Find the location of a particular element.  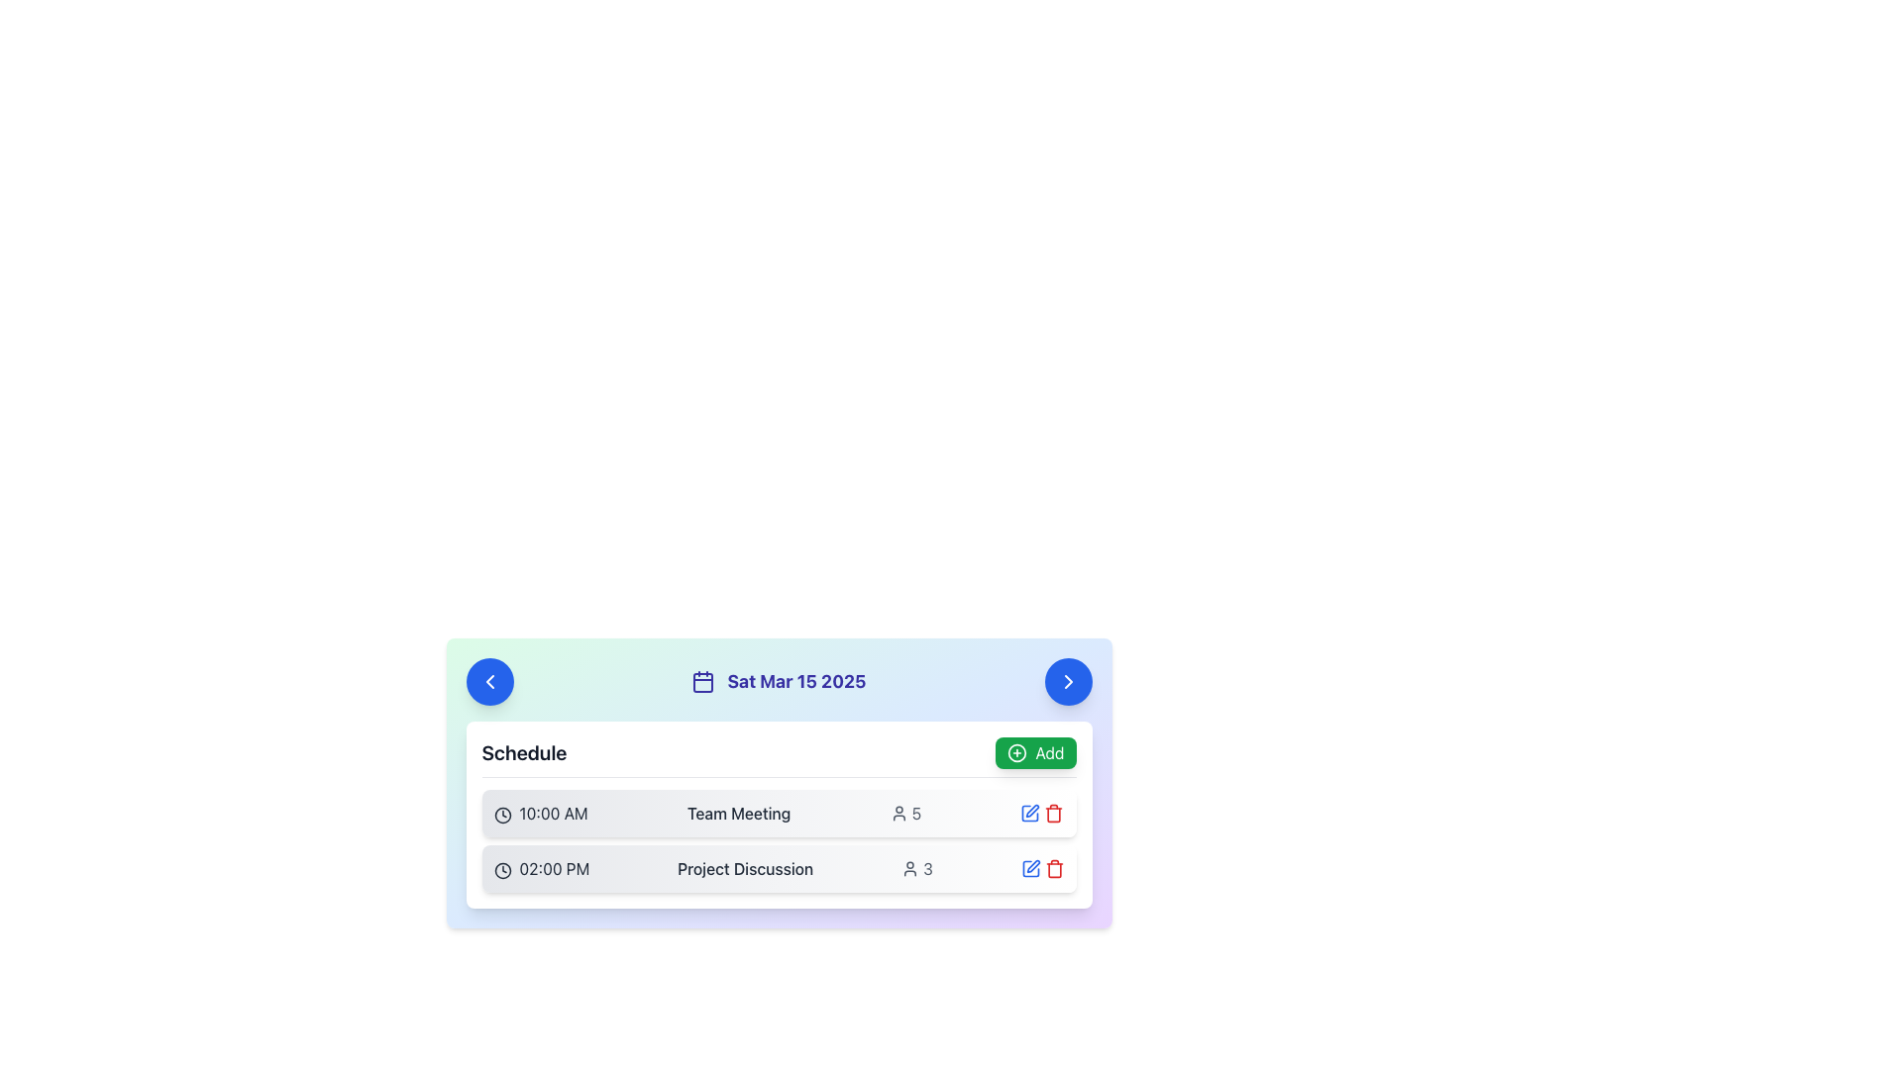

the right arrow icon within the circular button located at the top-right corner of the schedule card is located at coordinates (1067, 681).